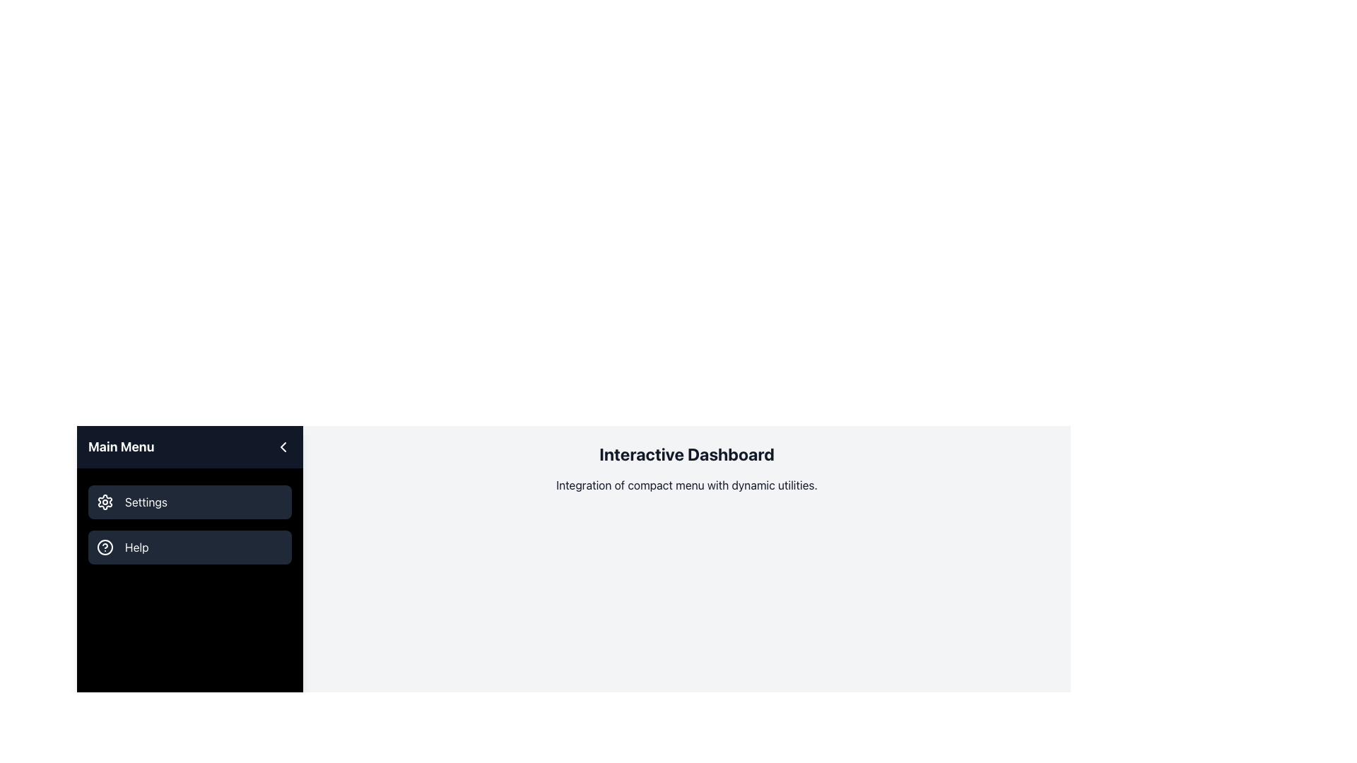 This screenshot has width=1357, height=763. I want to click on the settings icon located in the left sidebar, which is positioned to the left of the 'Settings' label in the 'Main Menu' section, so click(104, 501).